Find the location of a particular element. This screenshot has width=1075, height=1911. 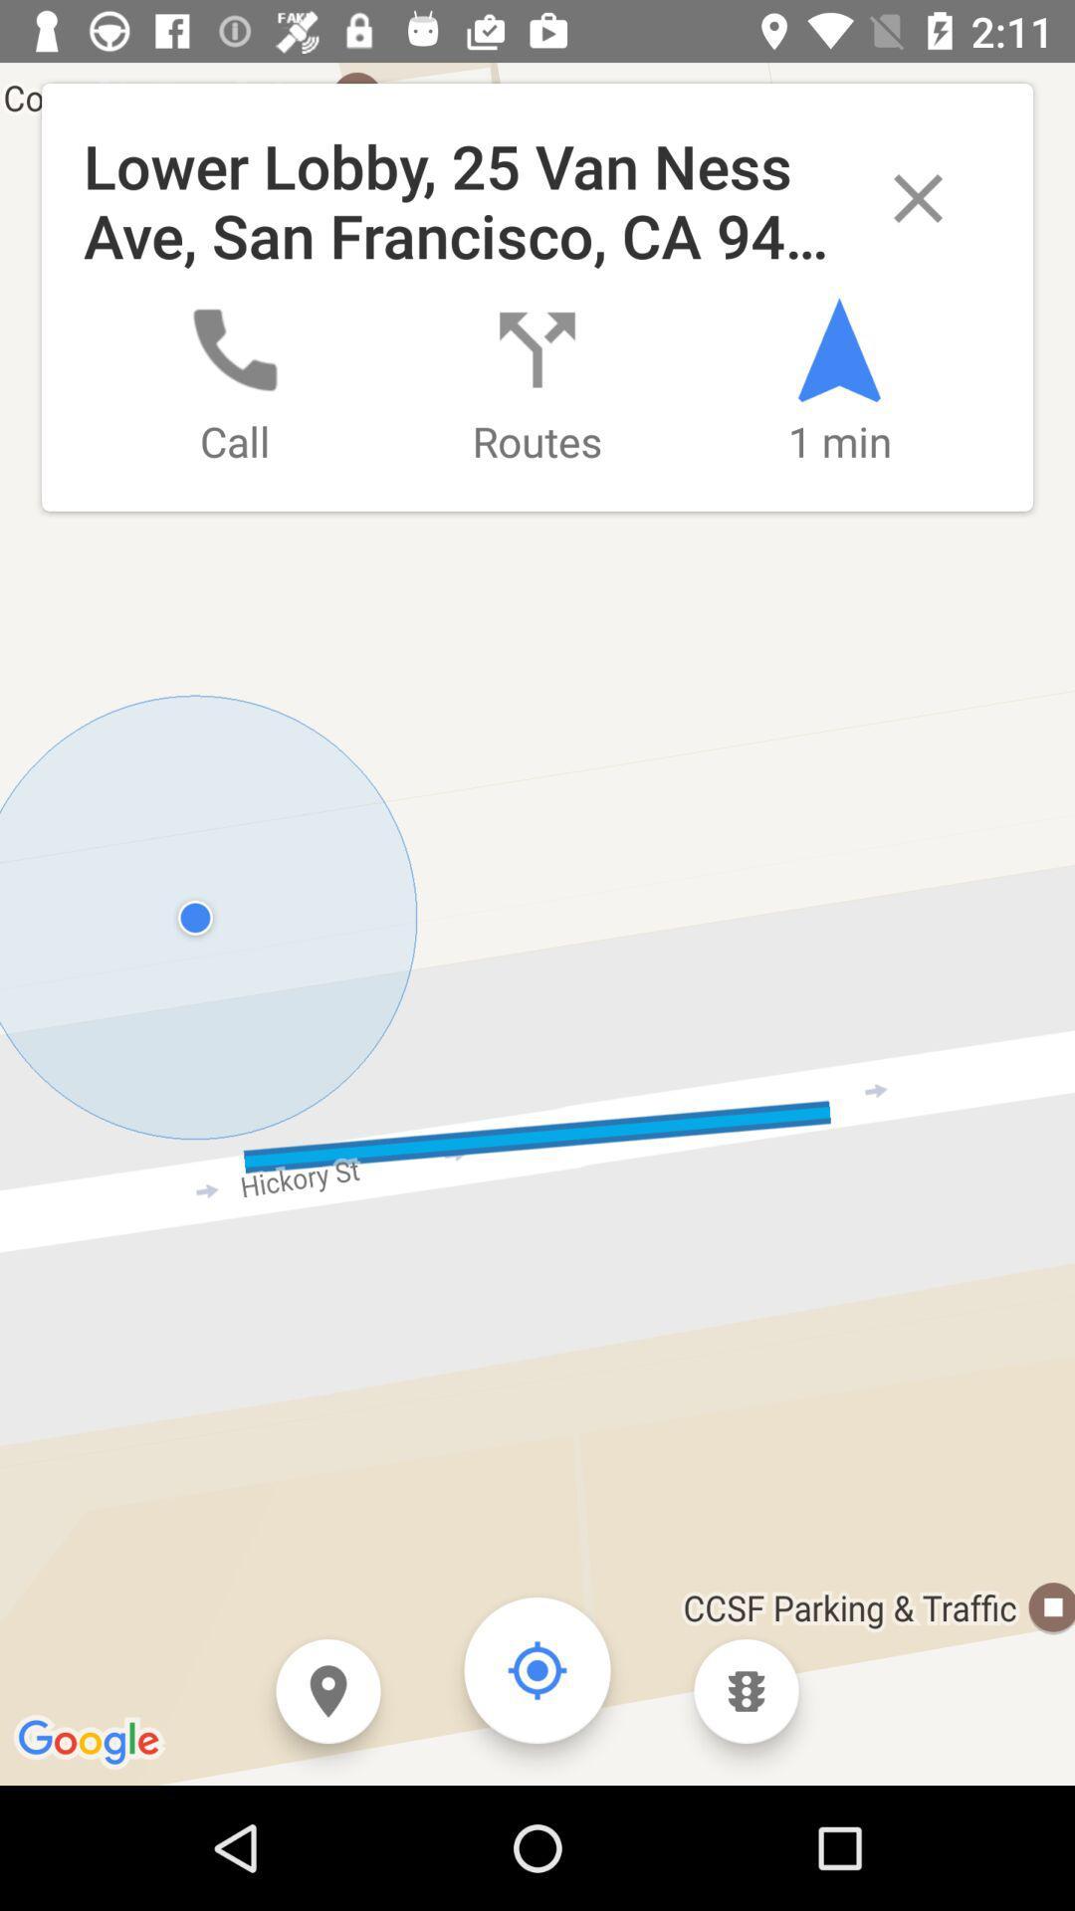

traffic is located at coordinates (746, 1690).